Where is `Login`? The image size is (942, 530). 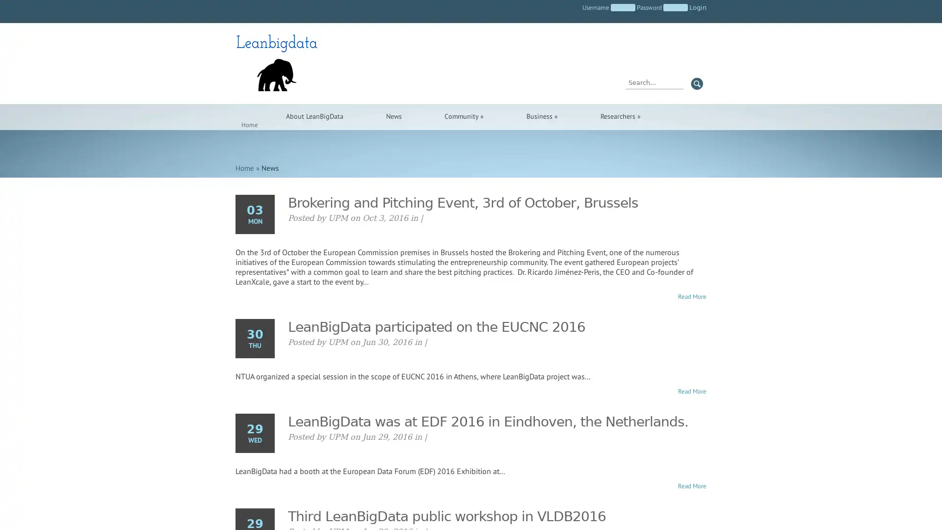 Login is located at coordinates (697, 7).